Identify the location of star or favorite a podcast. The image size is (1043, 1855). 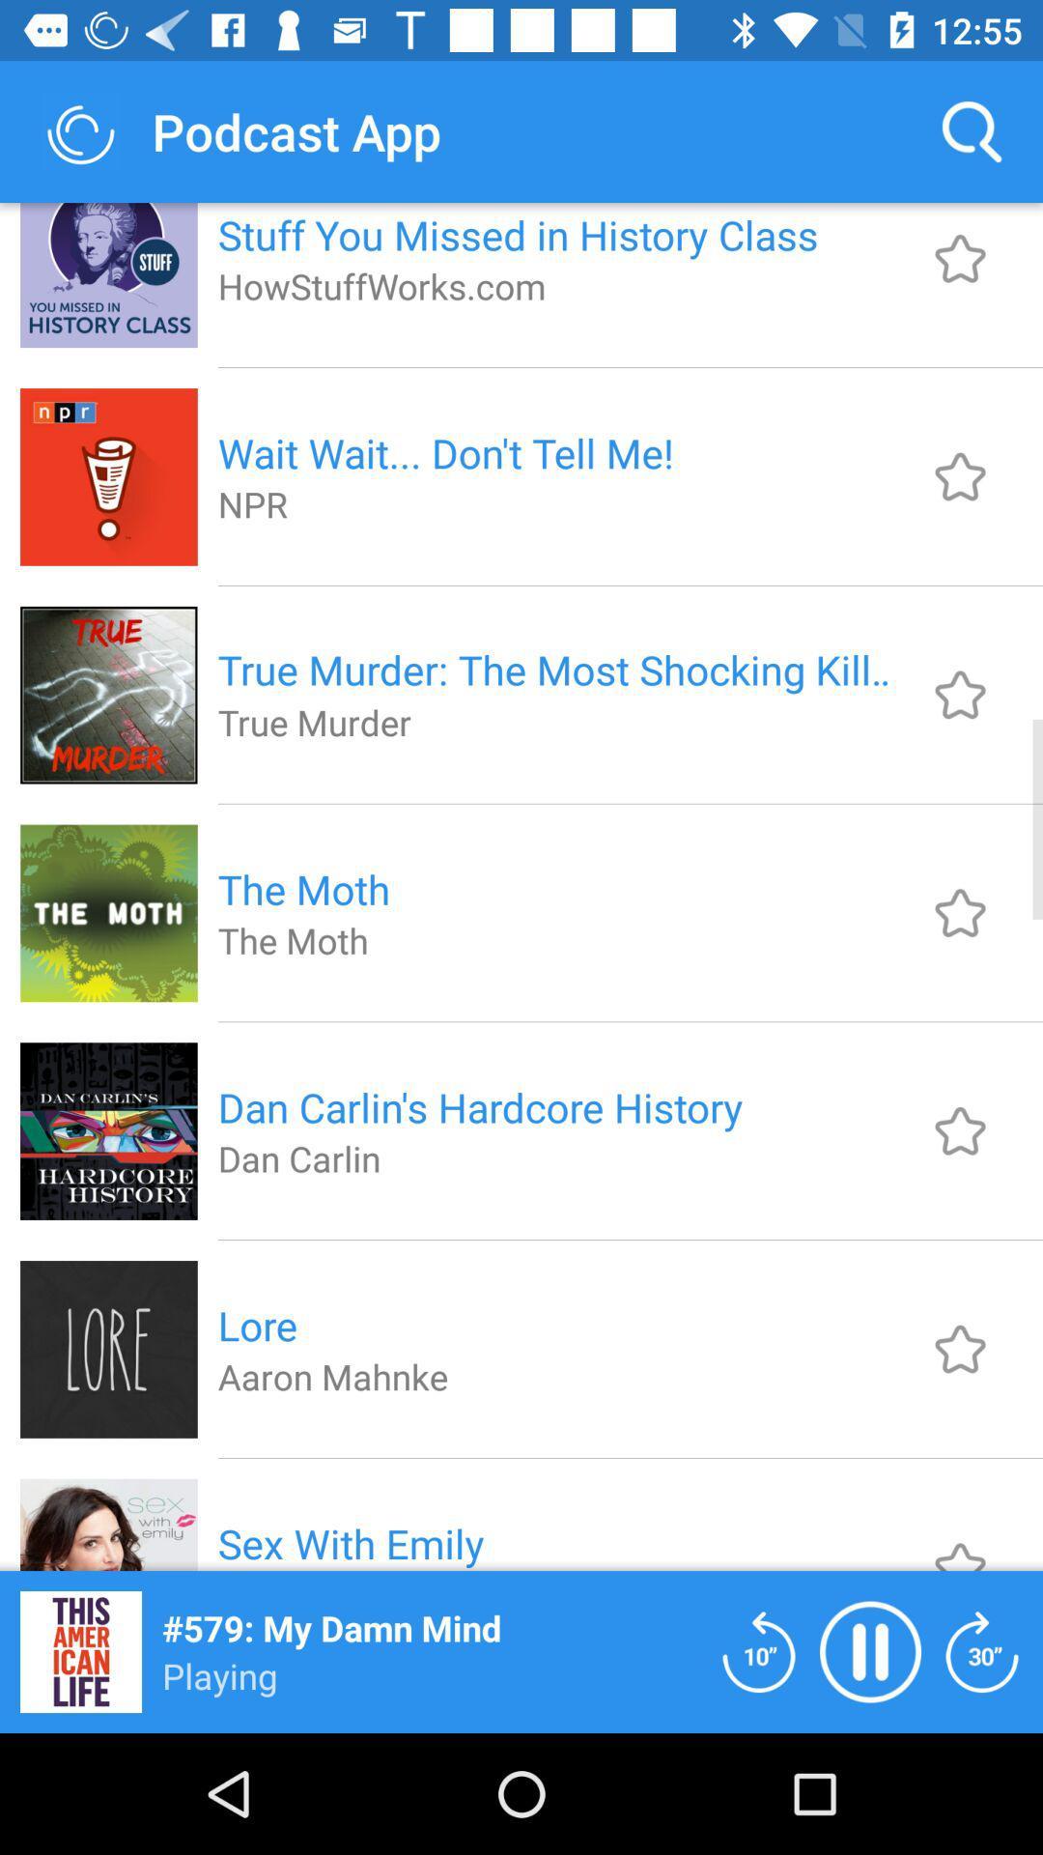
(960, 912).